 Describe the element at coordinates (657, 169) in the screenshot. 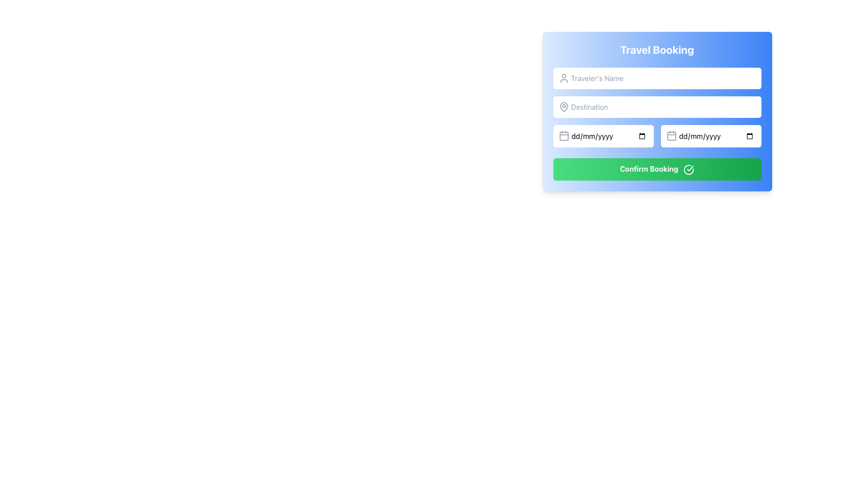

I see `the submission button for confirming a booking in the 'Travel Booking' form` at that location.